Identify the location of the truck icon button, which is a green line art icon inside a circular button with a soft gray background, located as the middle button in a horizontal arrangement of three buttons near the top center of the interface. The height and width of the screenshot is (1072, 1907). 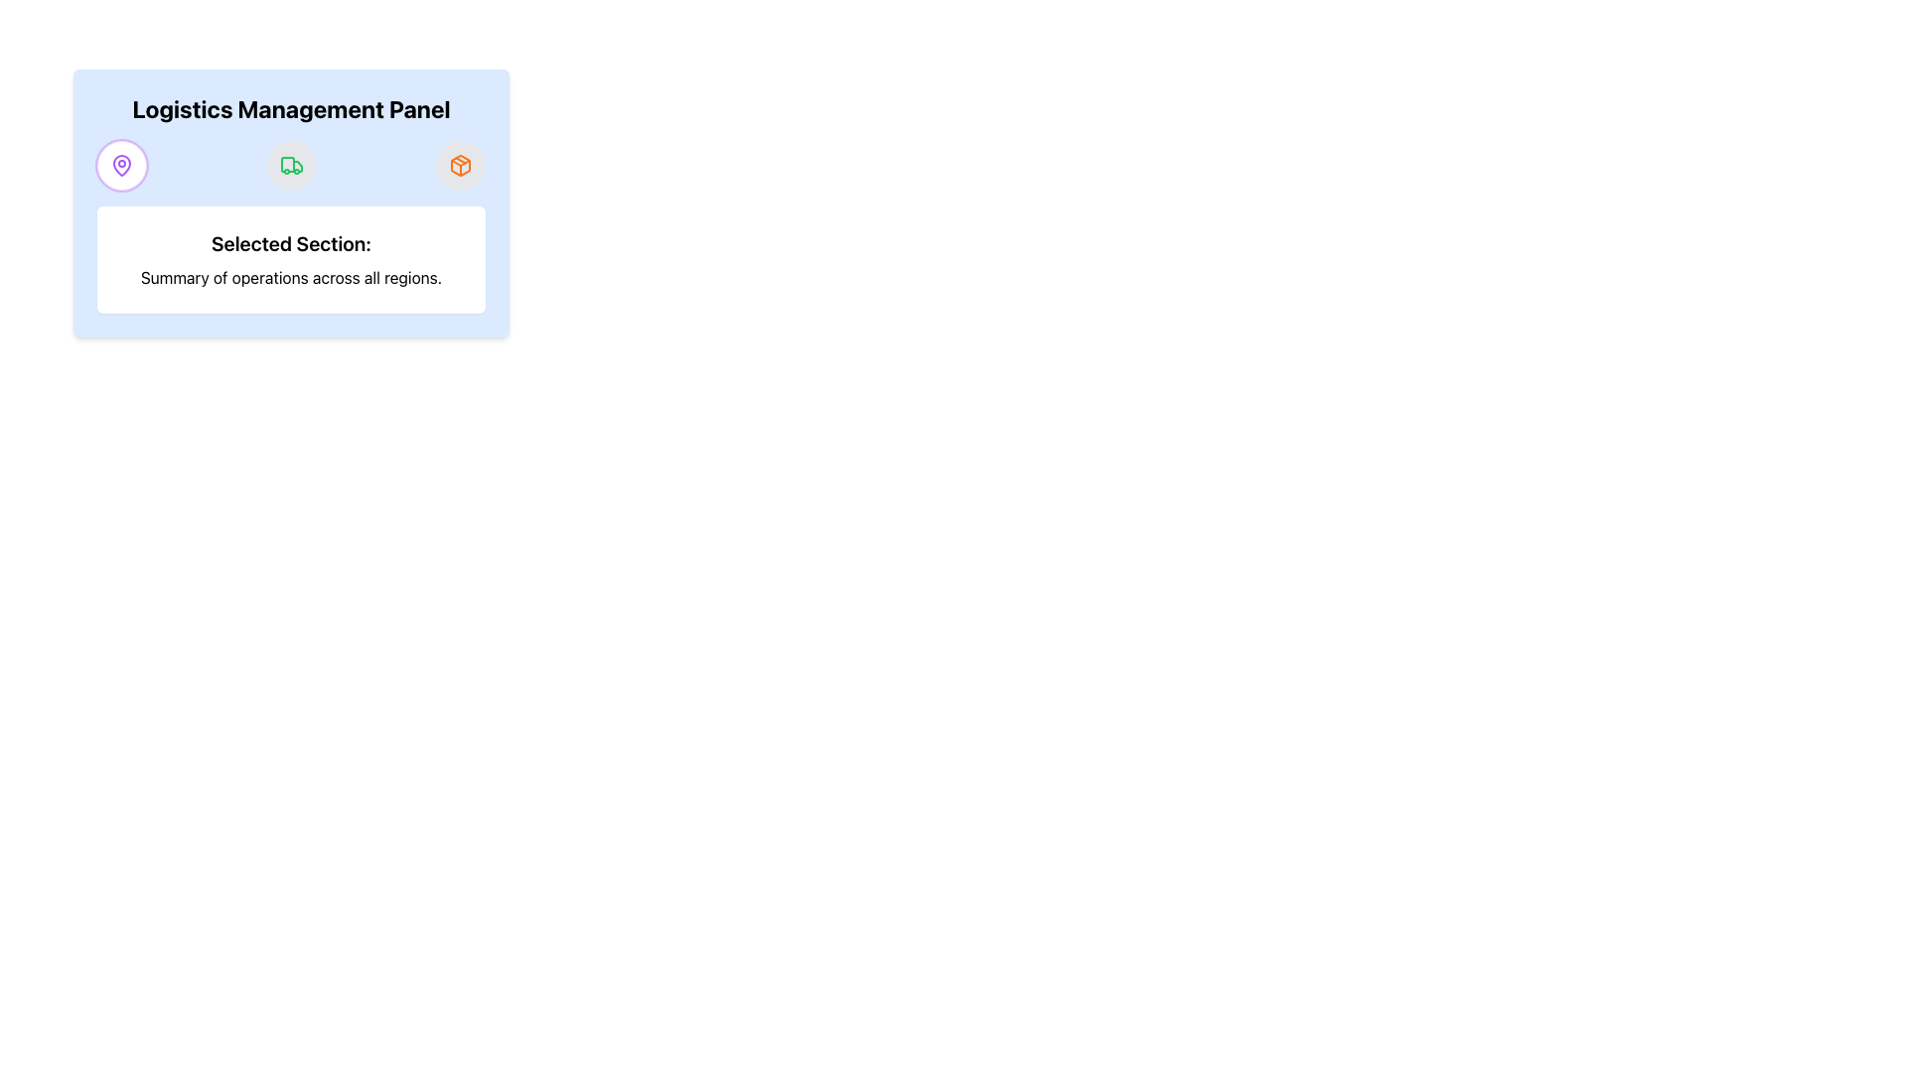
(290, 164).